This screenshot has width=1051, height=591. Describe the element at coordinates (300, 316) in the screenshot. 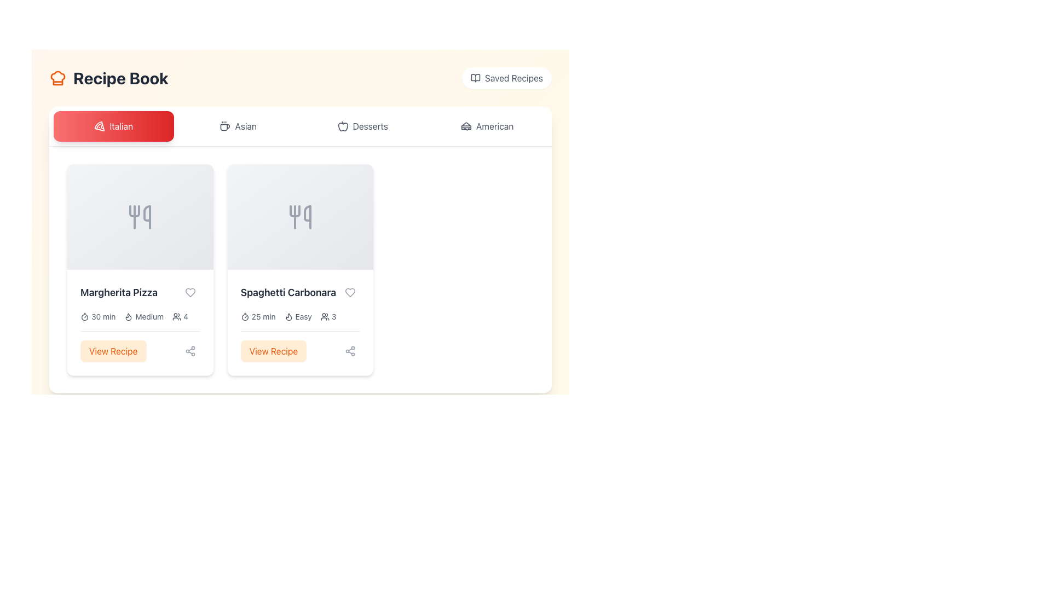

I see `information displayed in the informative label containing cooking time, difficulty level, and serving size for the card labeled 'Spaghetti Carbonara', located above the 'View Recipe' button` at that location.